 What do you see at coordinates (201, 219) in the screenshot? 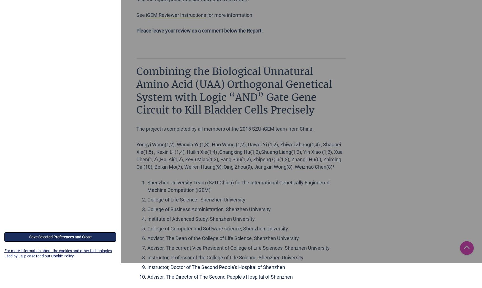
I see `'Institute of Advanced Study, Shenzhen University'` at bounding box center [201, 219].